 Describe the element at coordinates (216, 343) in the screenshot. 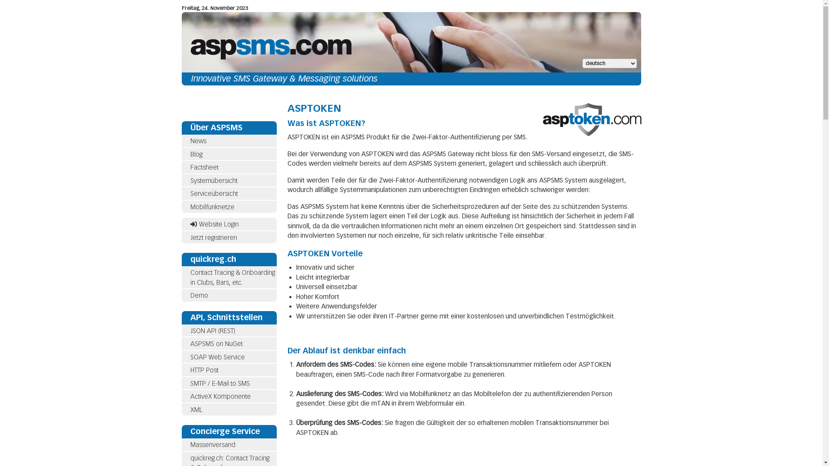

I see `'ASPSMS on NuGet'` at that location.